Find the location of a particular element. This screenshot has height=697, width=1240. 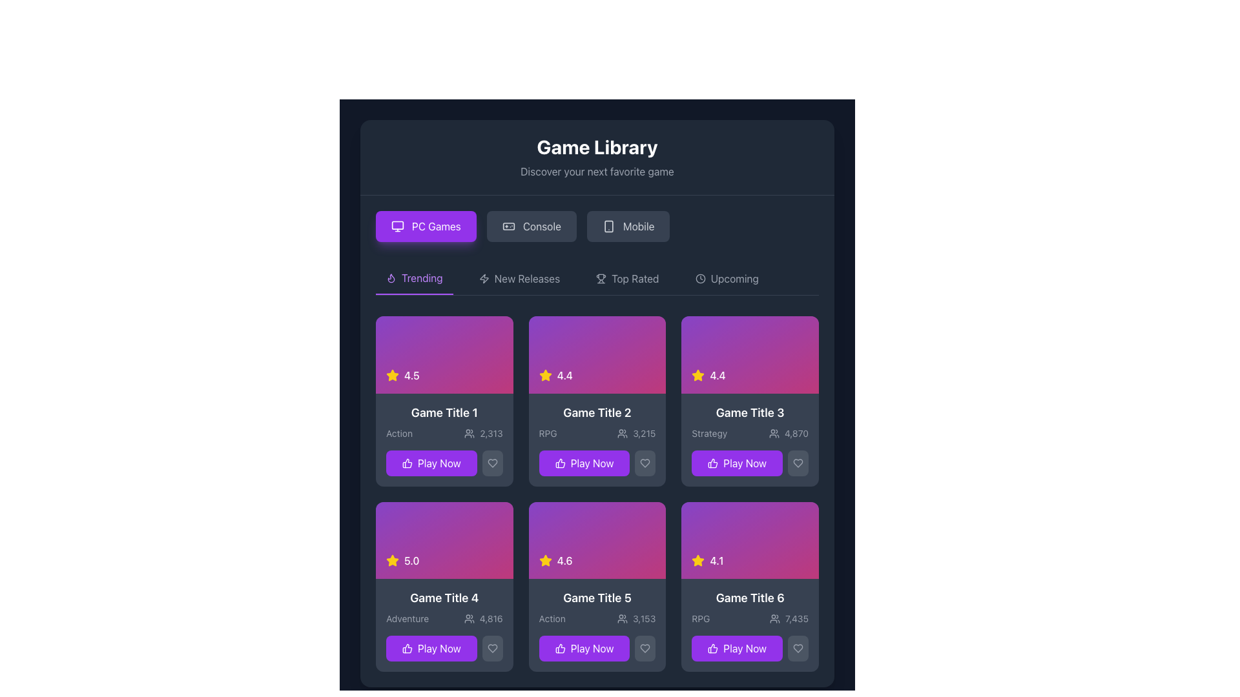

the text label displaying 'RPG' in gray color, positioned above the 'Play Now' button in the lower right card of the grid layout is located at coordinates (700, 618).